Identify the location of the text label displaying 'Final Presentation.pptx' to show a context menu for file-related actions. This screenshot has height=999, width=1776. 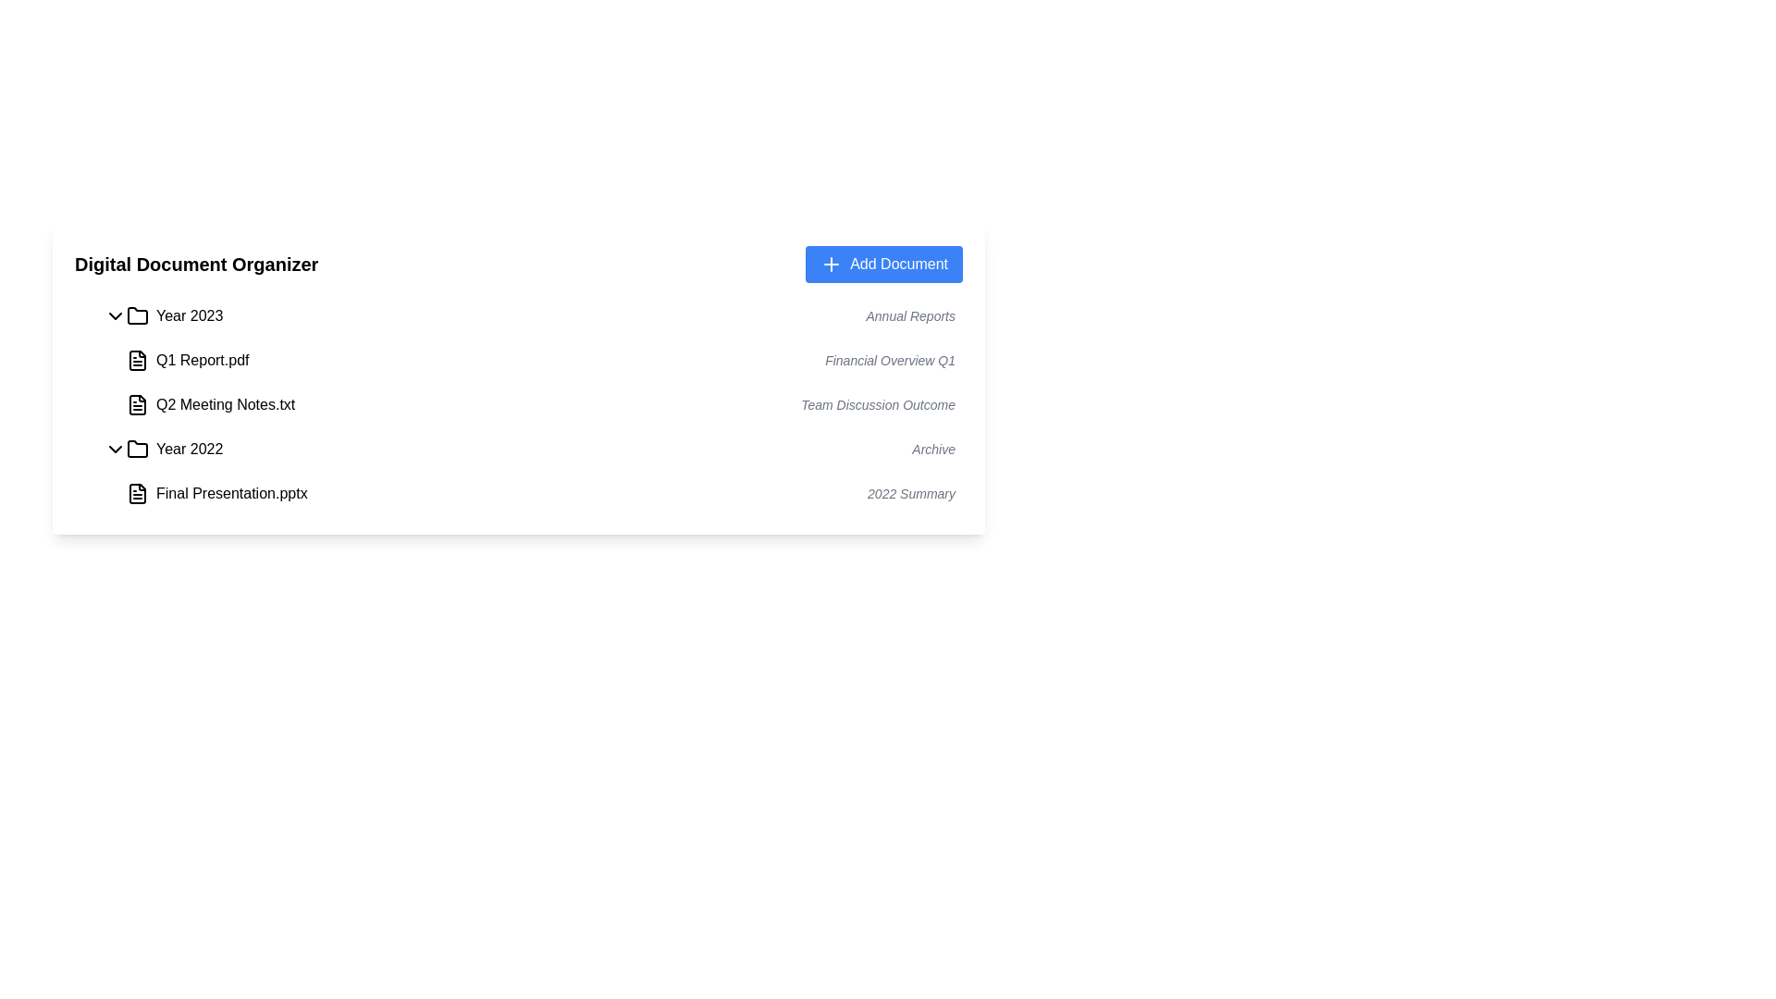
(230, 492).